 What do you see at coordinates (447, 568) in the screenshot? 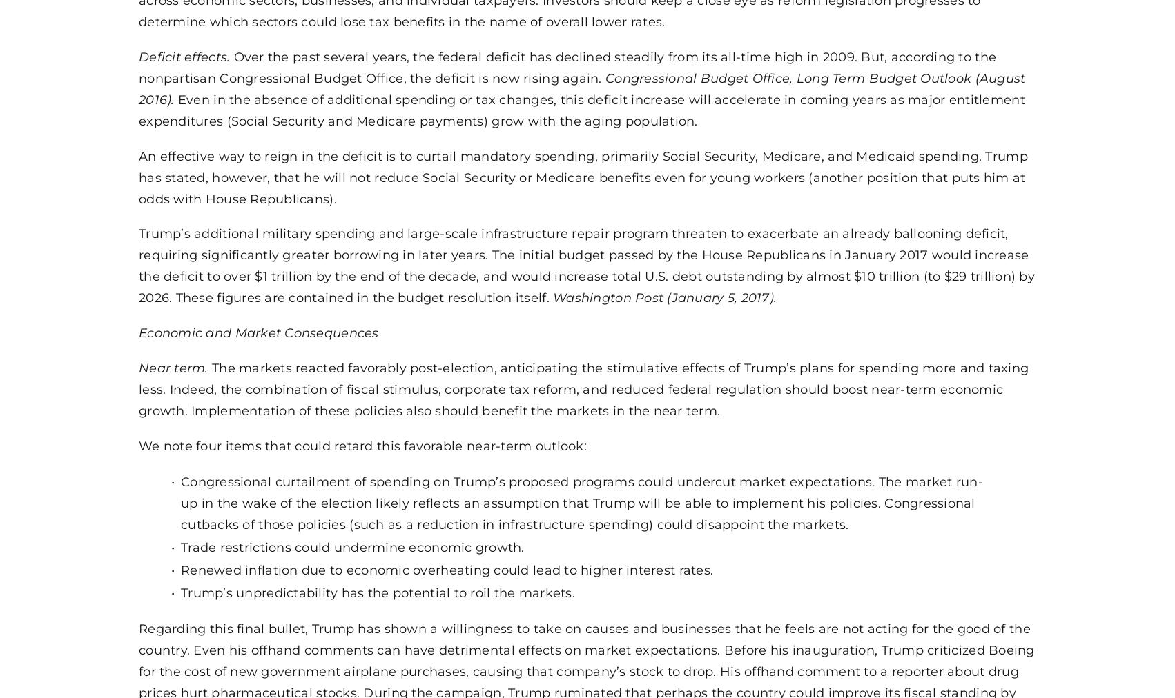
I see `'Renewed inflation due to economic overheating could lead to higher interest rates.'` at bounding box center [447, 568].